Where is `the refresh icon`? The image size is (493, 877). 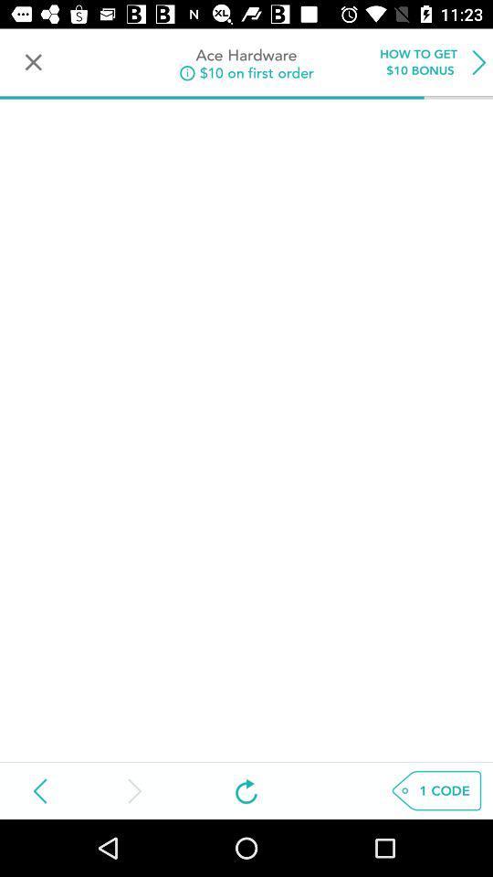
the refresh icon is located at coordinates (246, 789).